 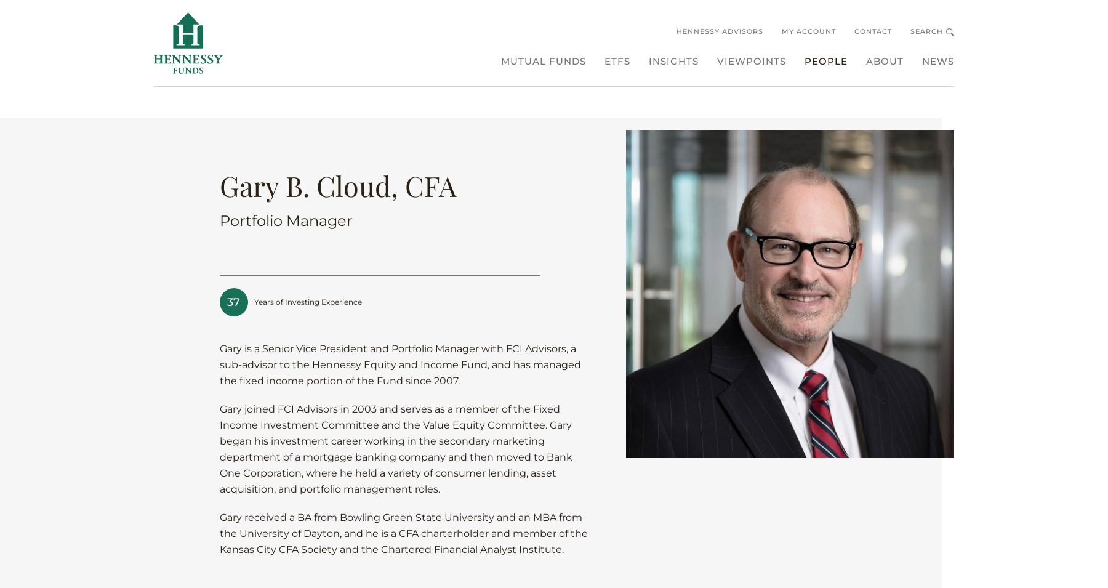 What do you see at coordinates (865, 60) in the screenshot?
I see `'About'` at bounding box center [865, 60].